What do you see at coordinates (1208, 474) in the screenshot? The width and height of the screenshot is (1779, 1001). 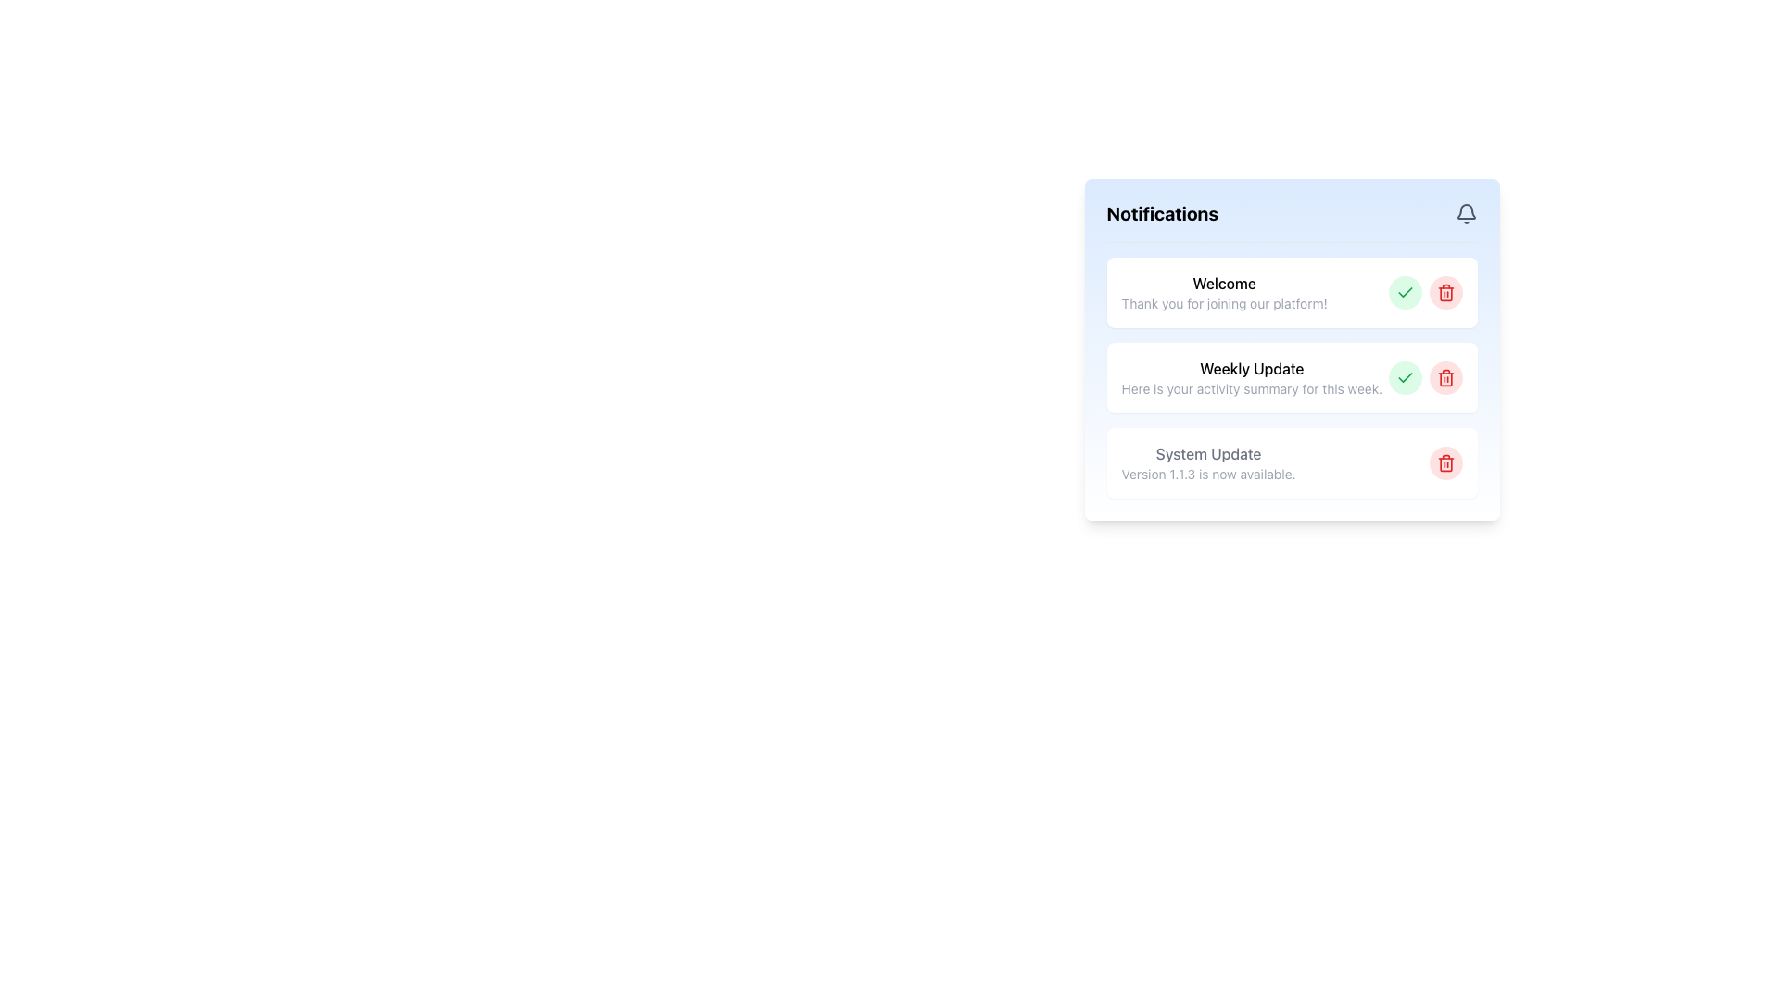 I see `information displayed in the Static Text Label that shows 'Version 1.1.3 is now available.' located below the 'System Update' title in the notification area` at bounding box center [1208, 474].